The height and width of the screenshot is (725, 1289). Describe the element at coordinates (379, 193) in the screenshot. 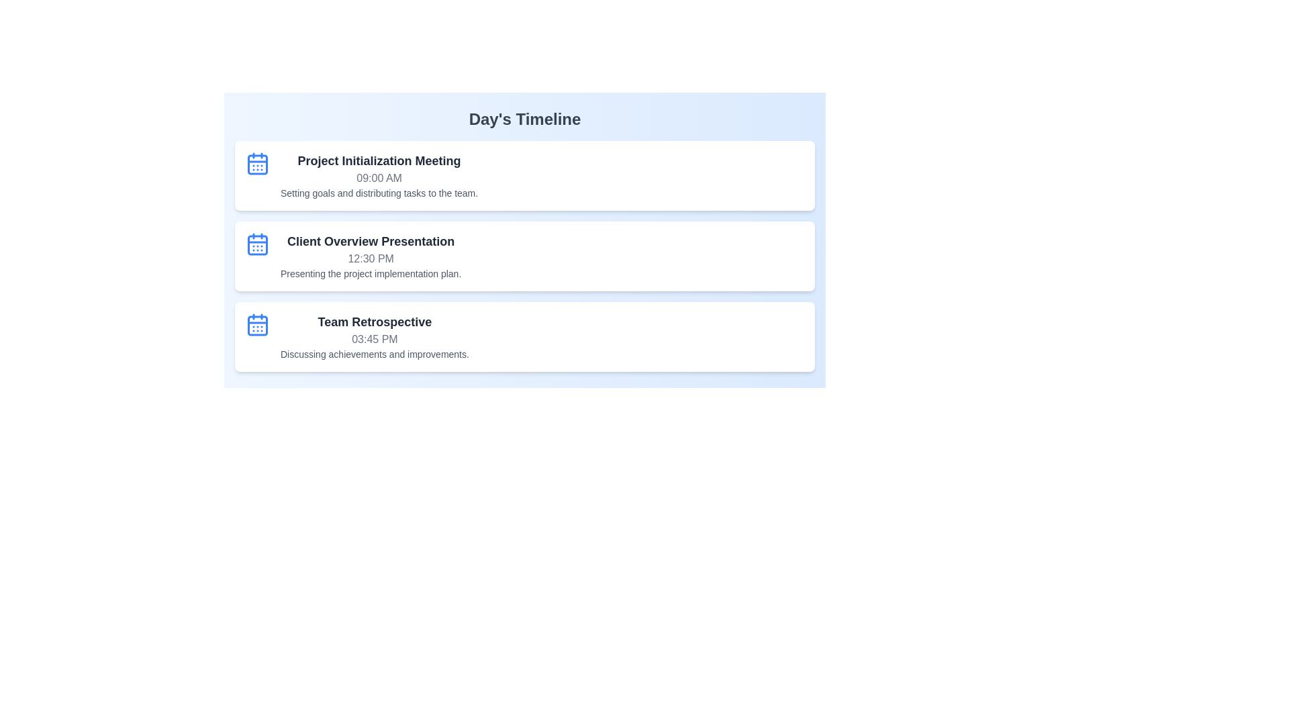

I see `the static text label displaying 'Setting goals and distributing tasks to the team.' which is located at the bottom of the timeline card for 'Project Initialization Meeting.'` at that location.